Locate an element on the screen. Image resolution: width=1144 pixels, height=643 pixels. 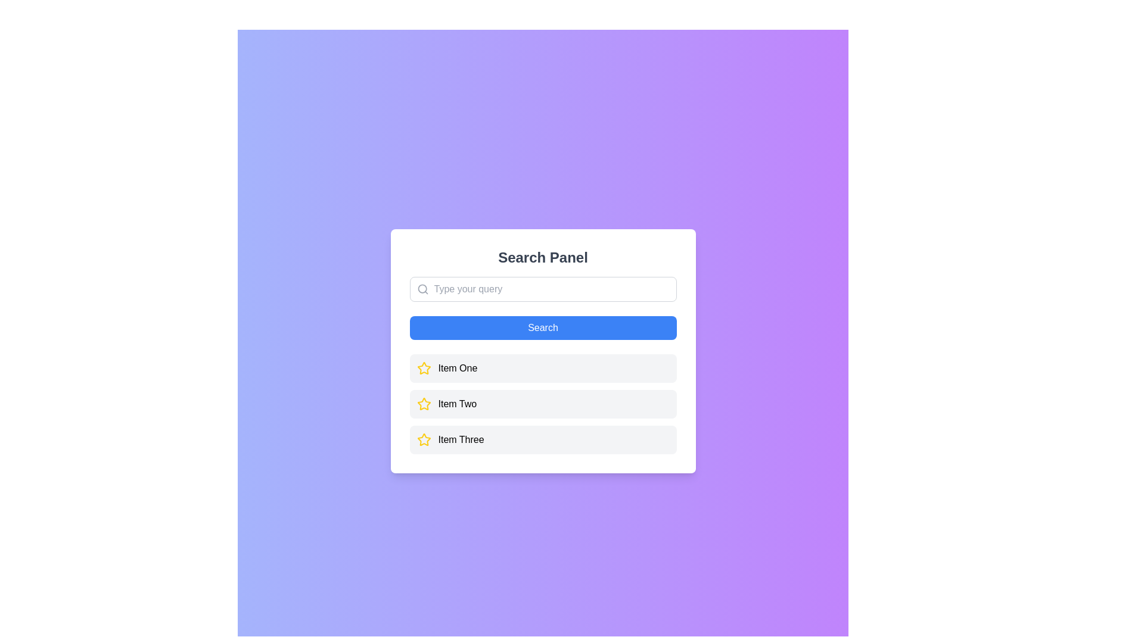
the circular search icon with a magnifying glass outline, which is gray in color and located to the left of the search input area in the modal interface is located at coordinates (422, 289).